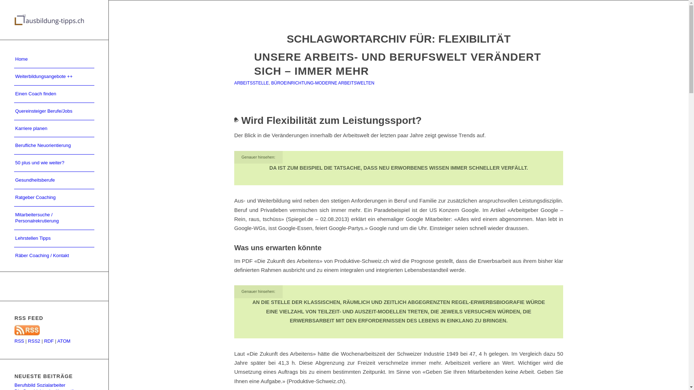 The height and width of the screenshot is (390, 694). What do you see at coordinates (53, 198) in the screenshot?
I see `'Ratgeber Coaching'` at bounding box center [53, 198].